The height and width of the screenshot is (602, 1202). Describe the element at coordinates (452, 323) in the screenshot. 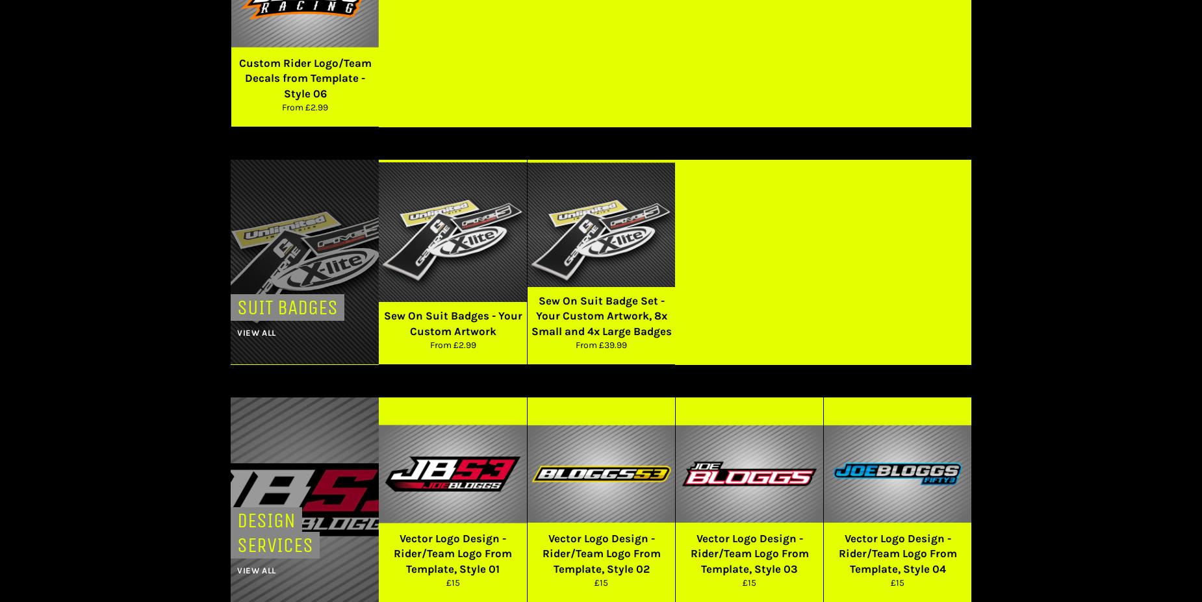

I see `'Sew On Suit Badges - Your Custom Artwork'` at that location.